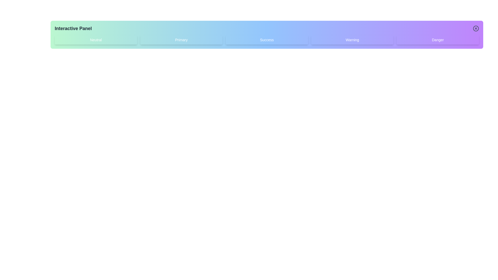  What do you see at coordinates (181, 40) in the screenshot?
I see `the 'Primary' button, which is a rectangular button with a blue background and white text, located slightly left of center in a group of five buttons` at bounding box center [181, 40].